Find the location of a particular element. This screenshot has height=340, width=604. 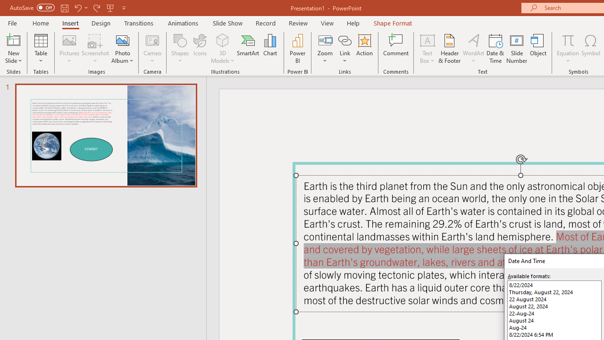

'Animations' is located at coordinates (183, 23).